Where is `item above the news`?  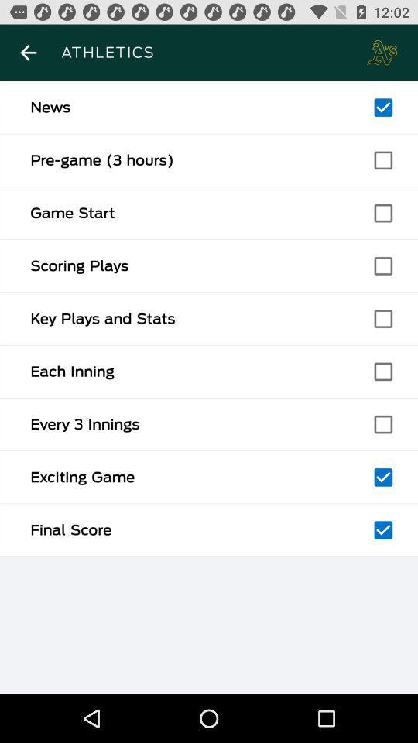
item above the news is located at coordinates (28, 53).